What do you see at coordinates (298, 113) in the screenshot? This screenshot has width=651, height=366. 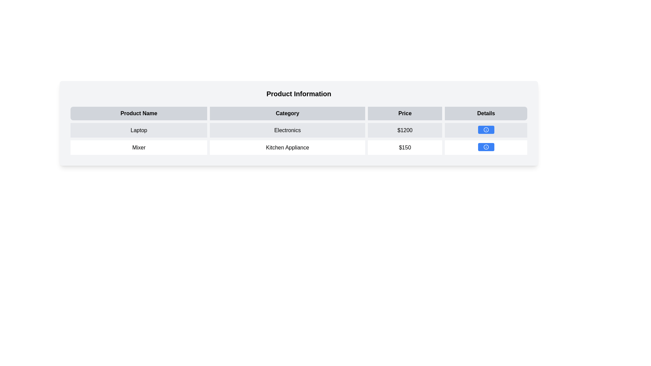 I see `the table header cell labeled 'Category', which is the second cell in the header row of the table, positioned between 'Product Name' and 'Price'` at bounding box center [298, 113].